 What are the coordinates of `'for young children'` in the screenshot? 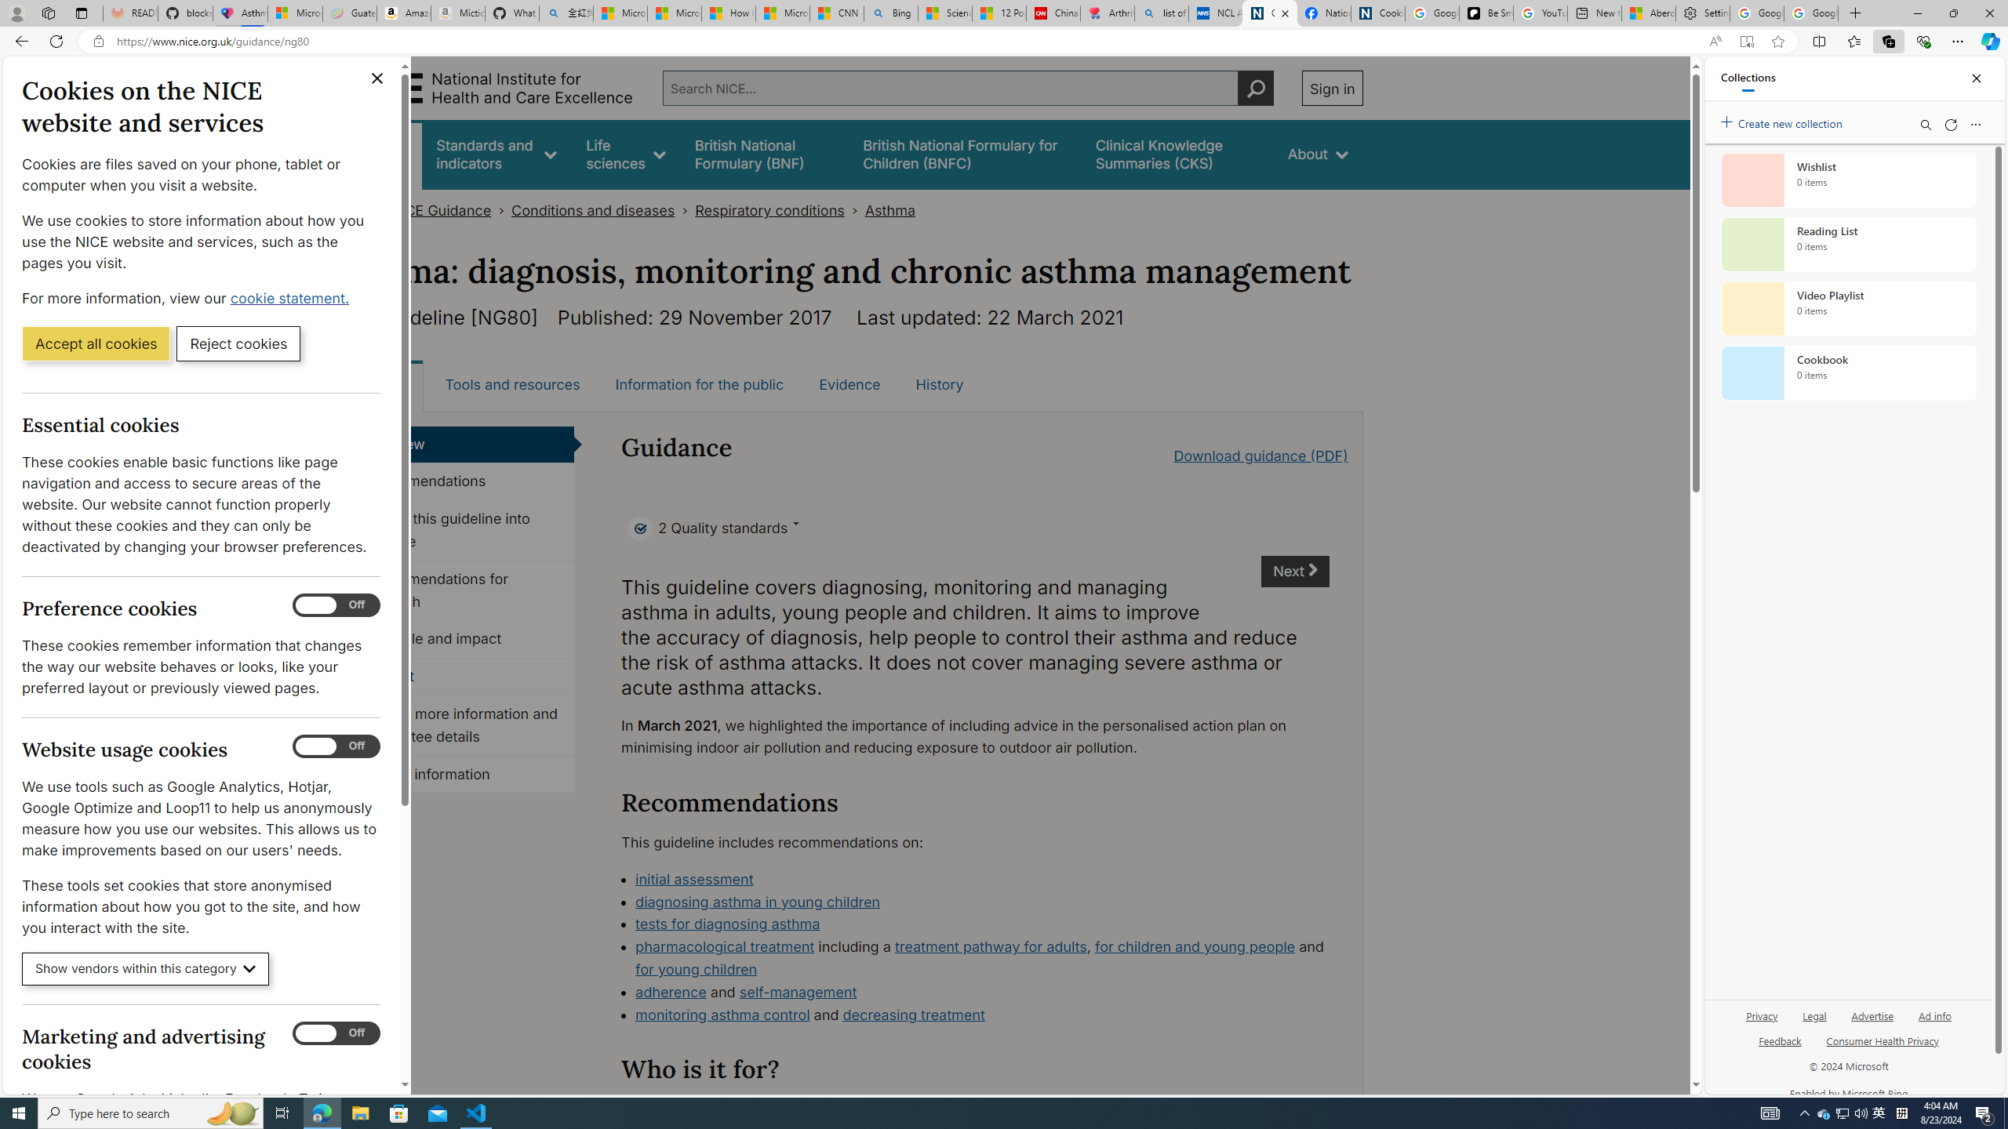 It's located at (695, 969).